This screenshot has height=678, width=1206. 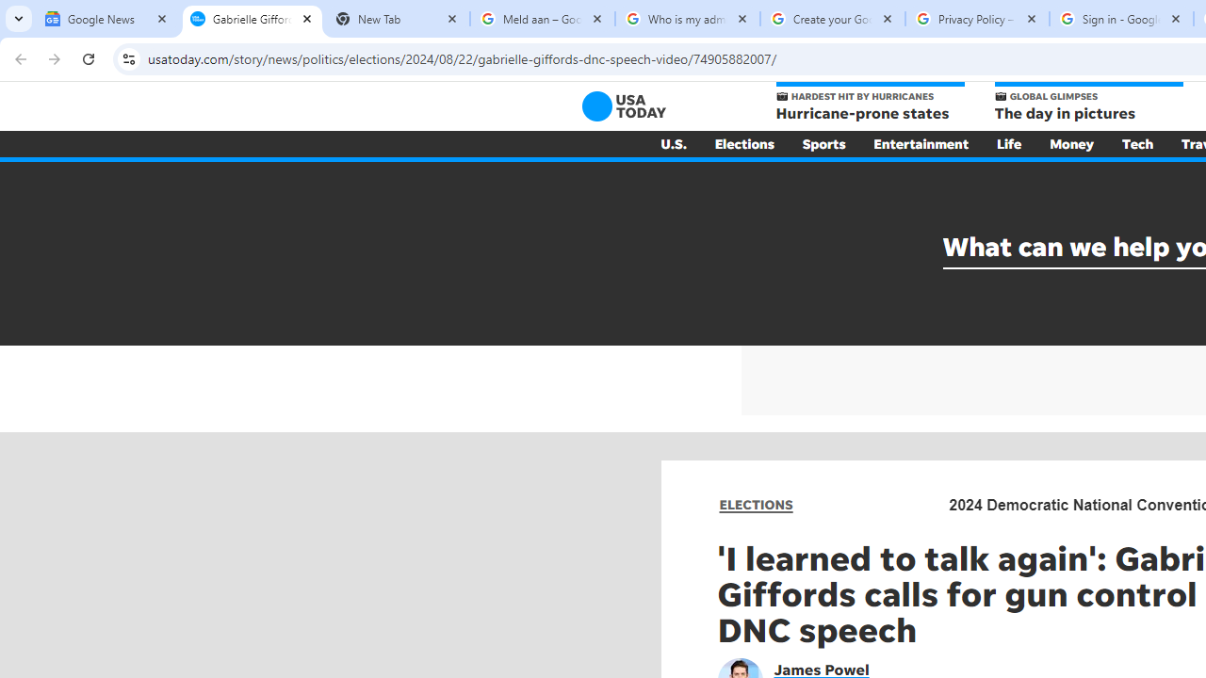 What do you see at coordinates (831, 19) in the screenshot?
I see `'Create your Google Account'` at bounding box center [831, 19].